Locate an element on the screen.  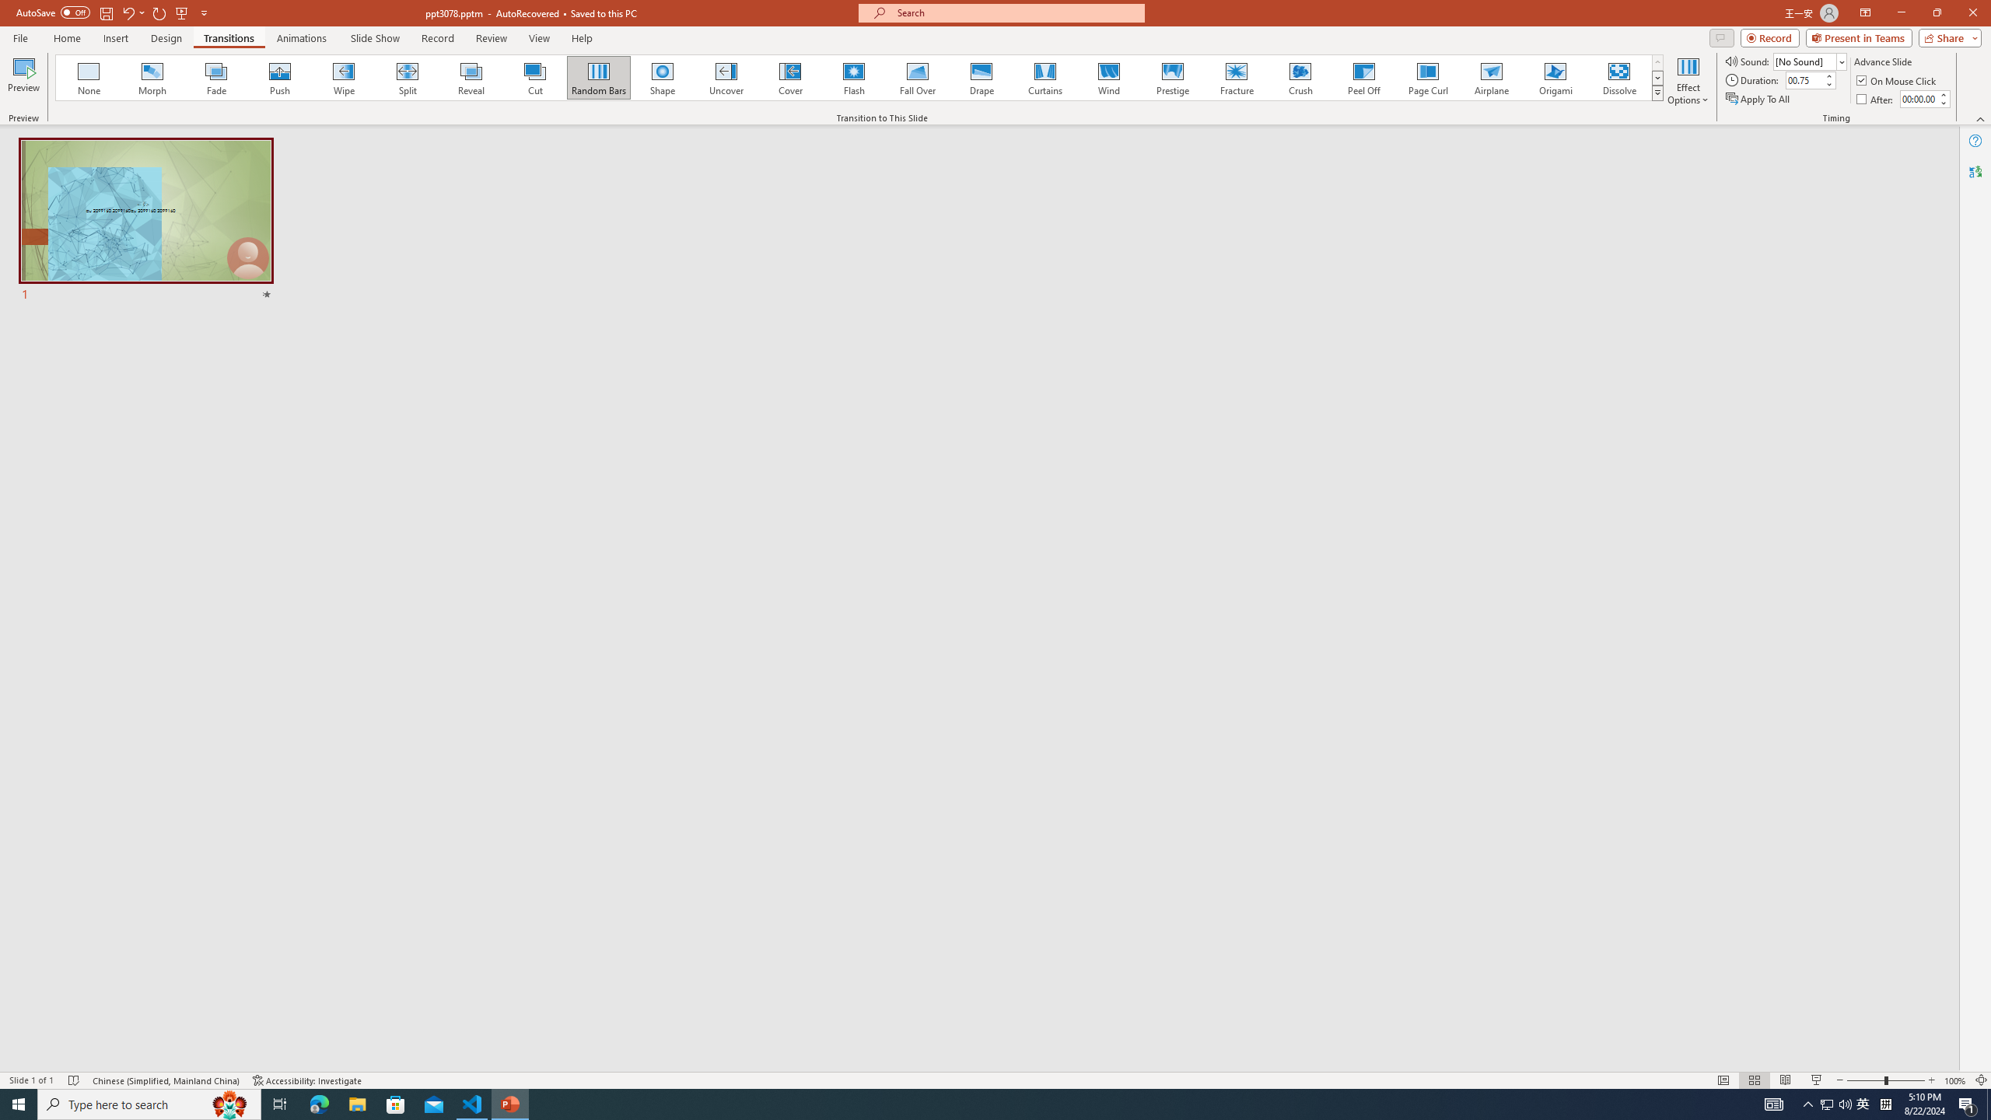
'Cover' is located at coordinates (789, 77).